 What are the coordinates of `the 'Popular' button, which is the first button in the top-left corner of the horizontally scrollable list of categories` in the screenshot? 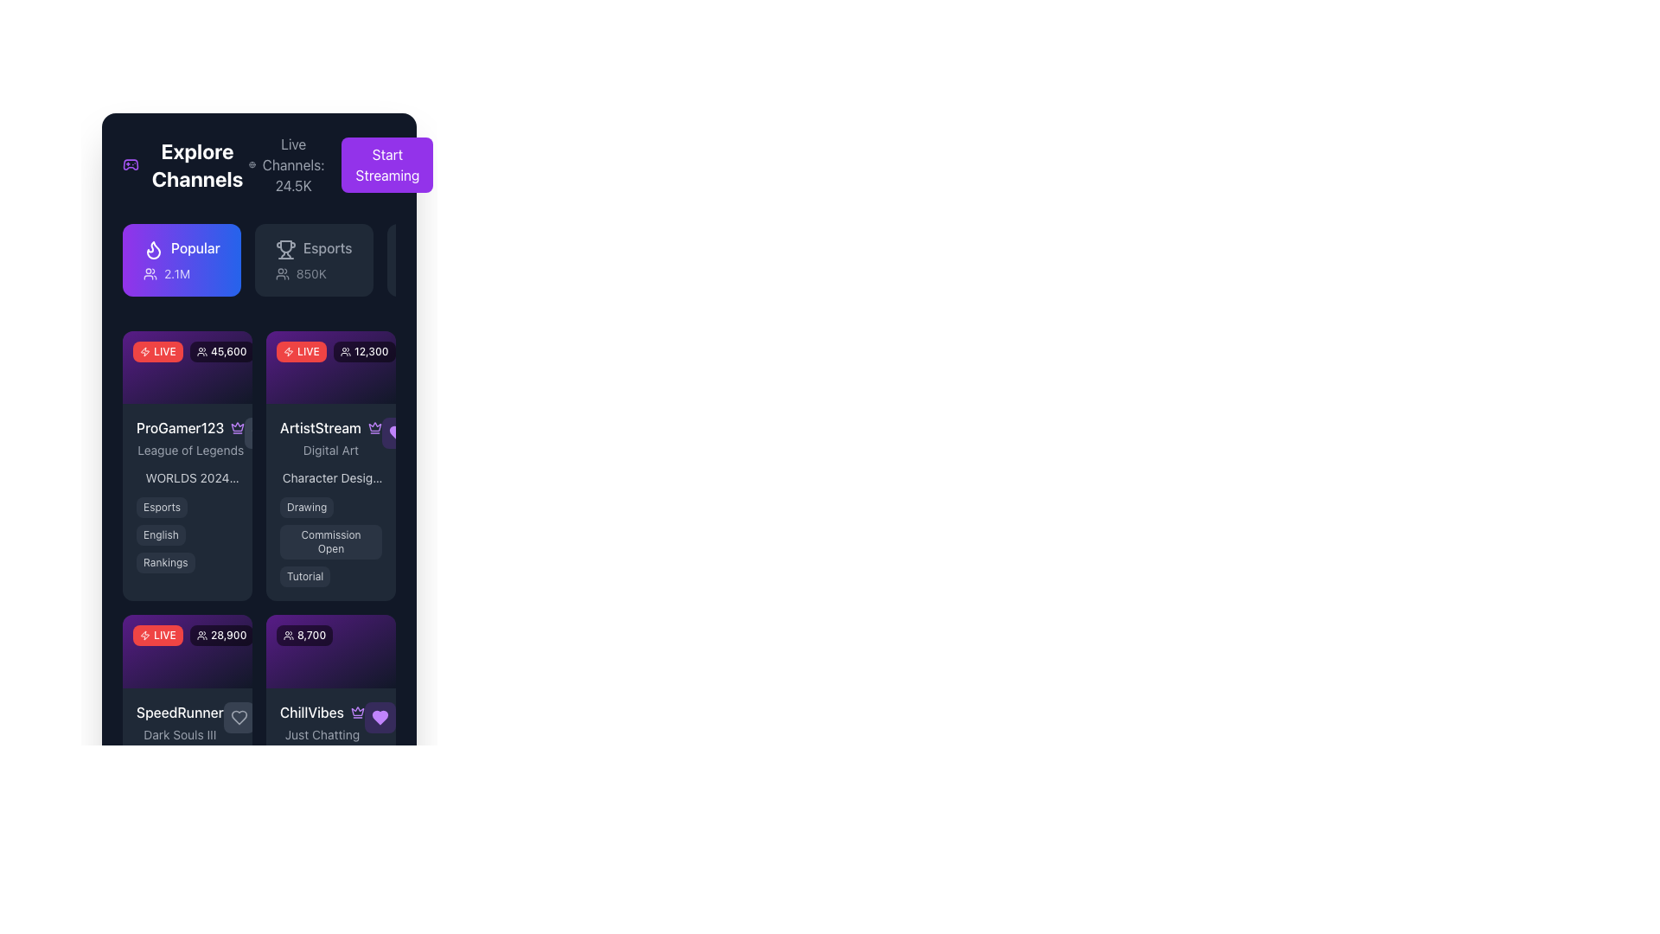 It's located at (182, 259).